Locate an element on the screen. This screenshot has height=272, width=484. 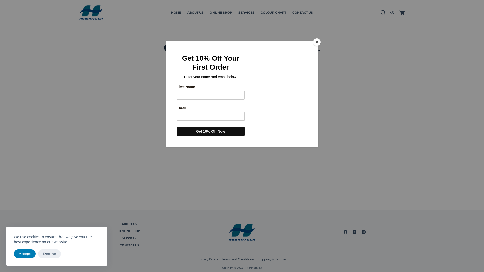
'ONLINE SHOP' is located at coordinates (129, 231).